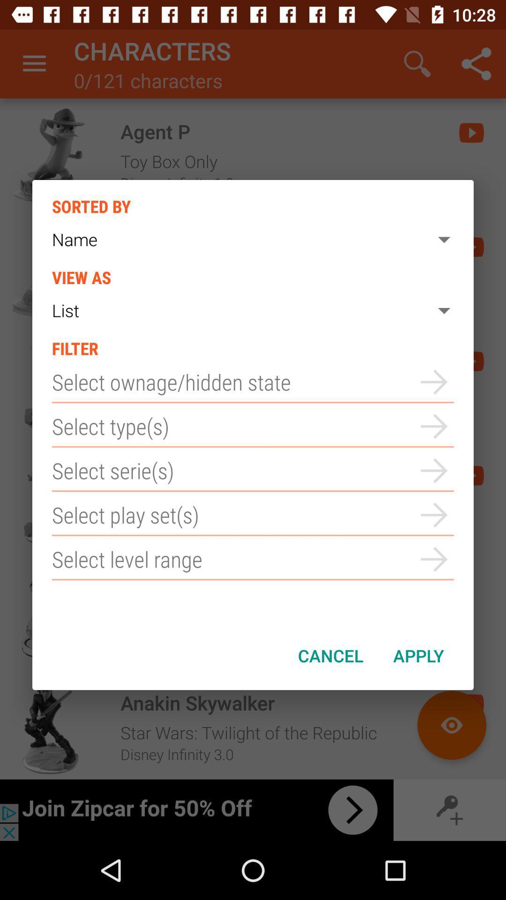 The image size is (506, 900). Describe the element at coordinates (253, 559) in the screenshot. I see `level range` at that location.